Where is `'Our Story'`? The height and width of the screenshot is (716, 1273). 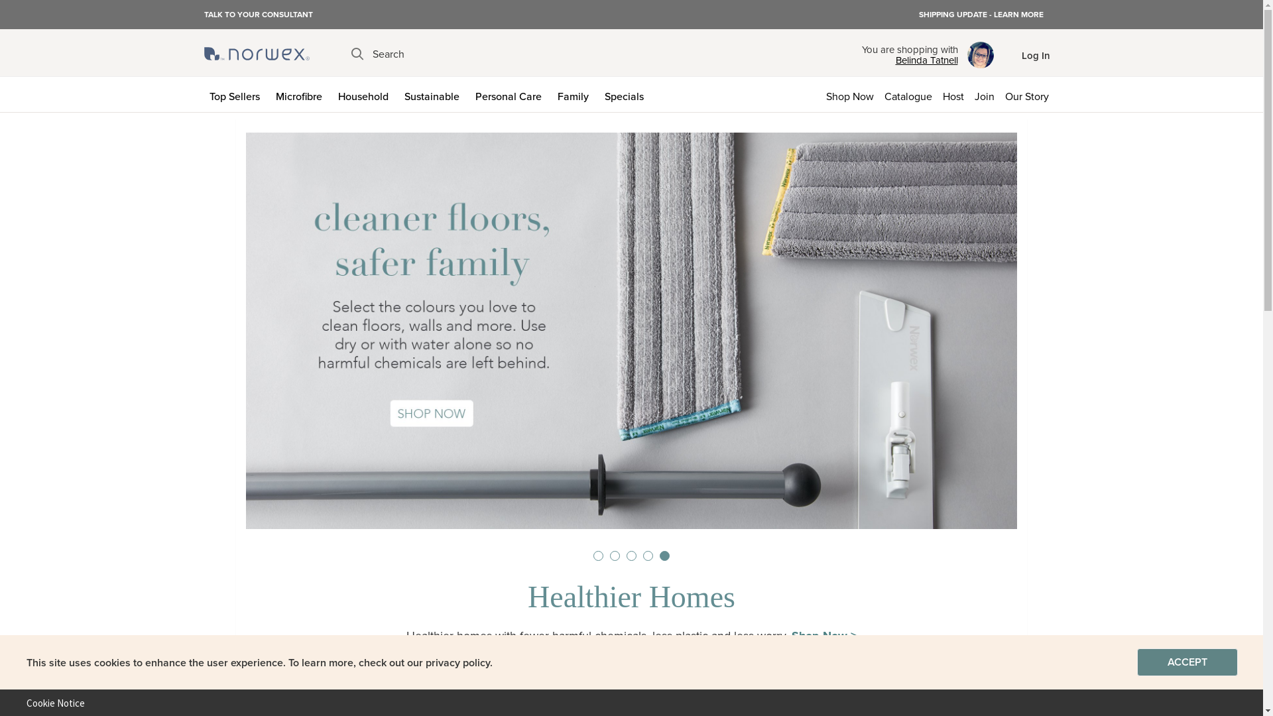 'Our Story' is located at coordinates (1029, 93).